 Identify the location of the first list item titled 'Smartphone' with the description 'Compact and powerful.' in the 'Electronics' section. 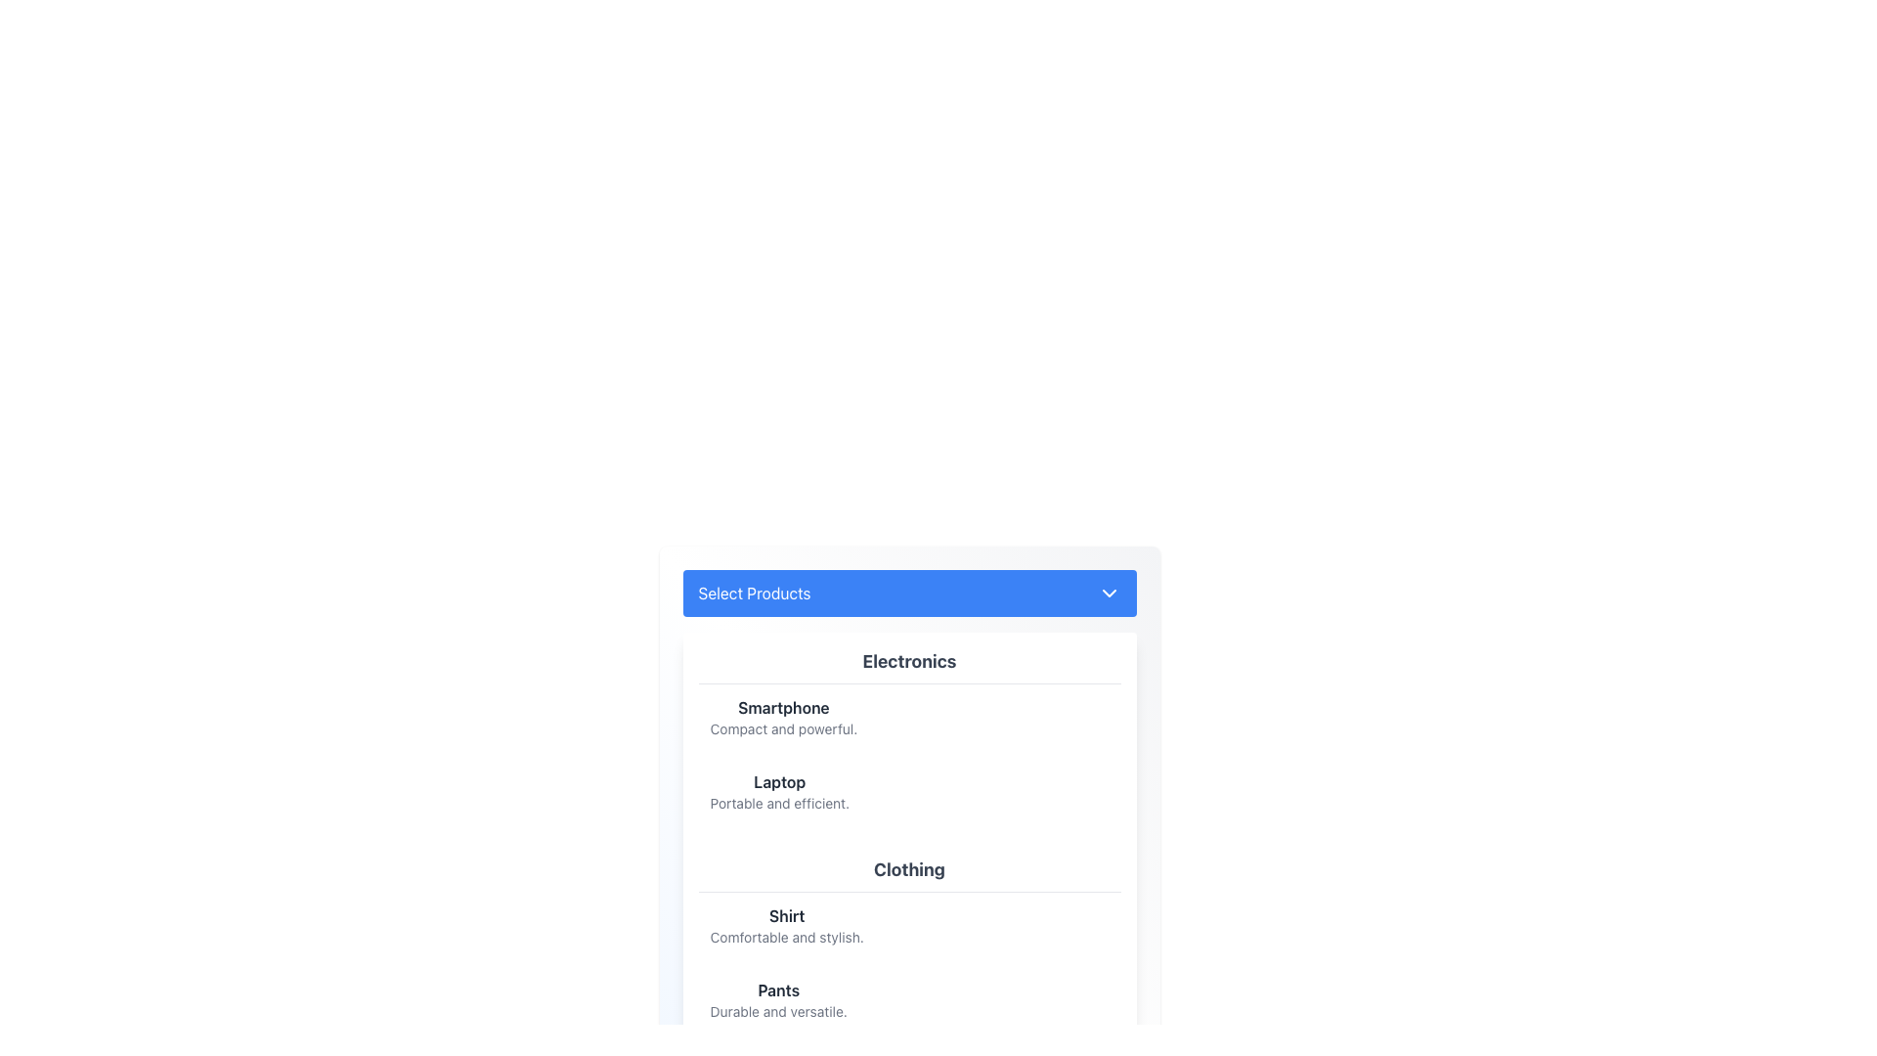
(908, 717).